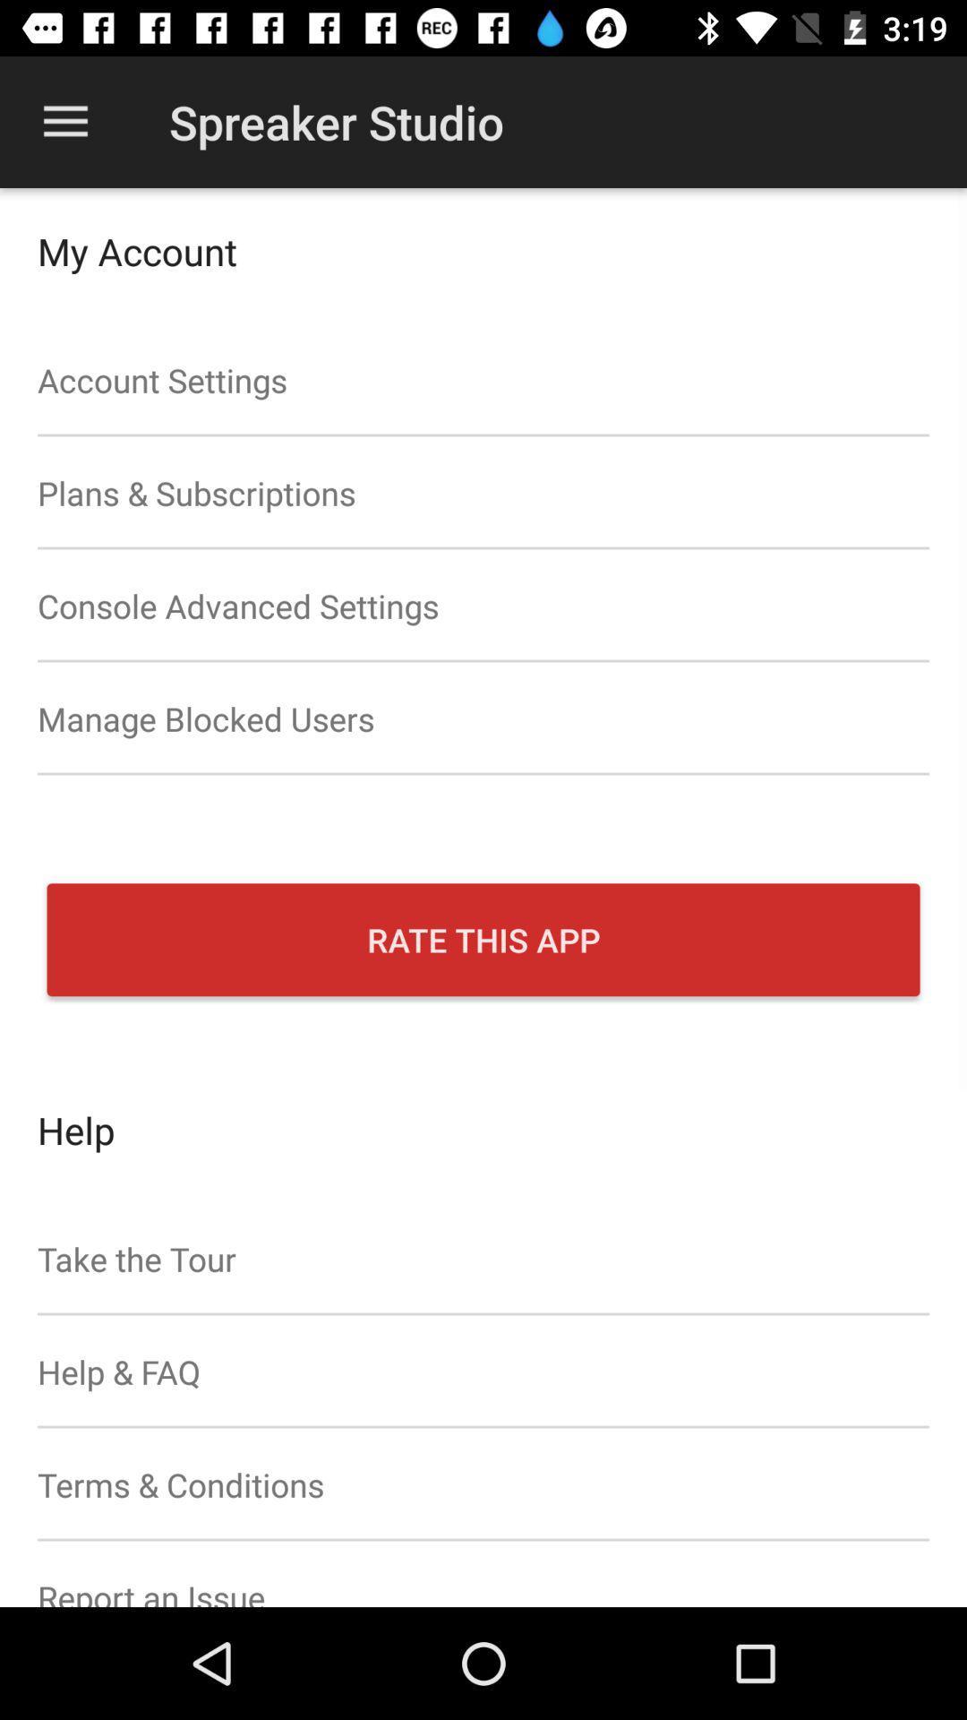  I want to click on the item below the plans & subscriptions, so click(483, 606).